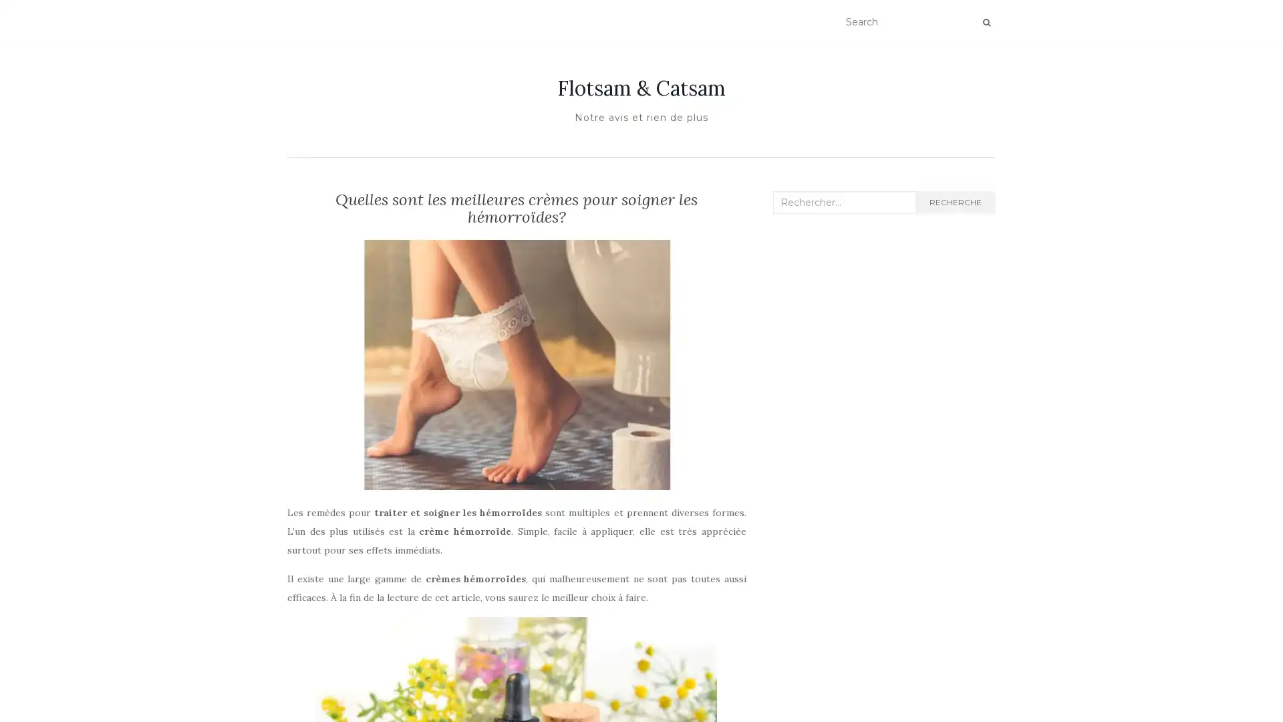  What do you see at coordinates (954, 203) in the screenshot?
I see `RECHERCHE` at bounding box center [954, 203].